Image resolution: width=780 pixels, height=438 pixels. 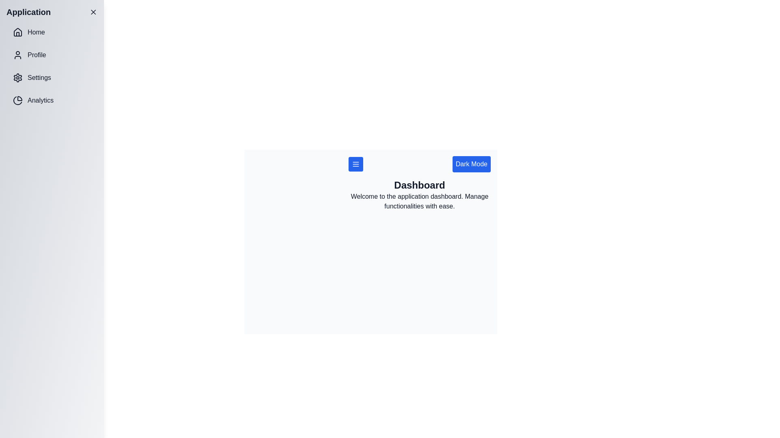 What do you see at coordinates (36, 55) in the screenshot?
I see `keyboard navigation` at bounding box center [36, 55].